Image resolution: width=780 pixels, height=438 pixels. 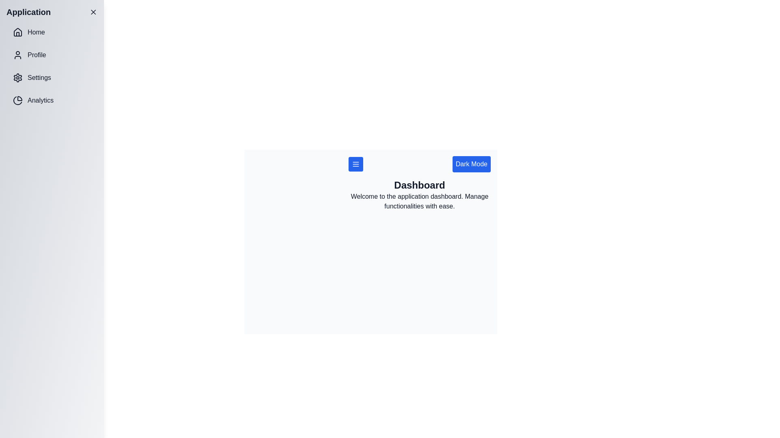 What do you see at coordinates (36, 55) in the screenshot?
I see `keyboard navigation` at bounding box center [36, 55].